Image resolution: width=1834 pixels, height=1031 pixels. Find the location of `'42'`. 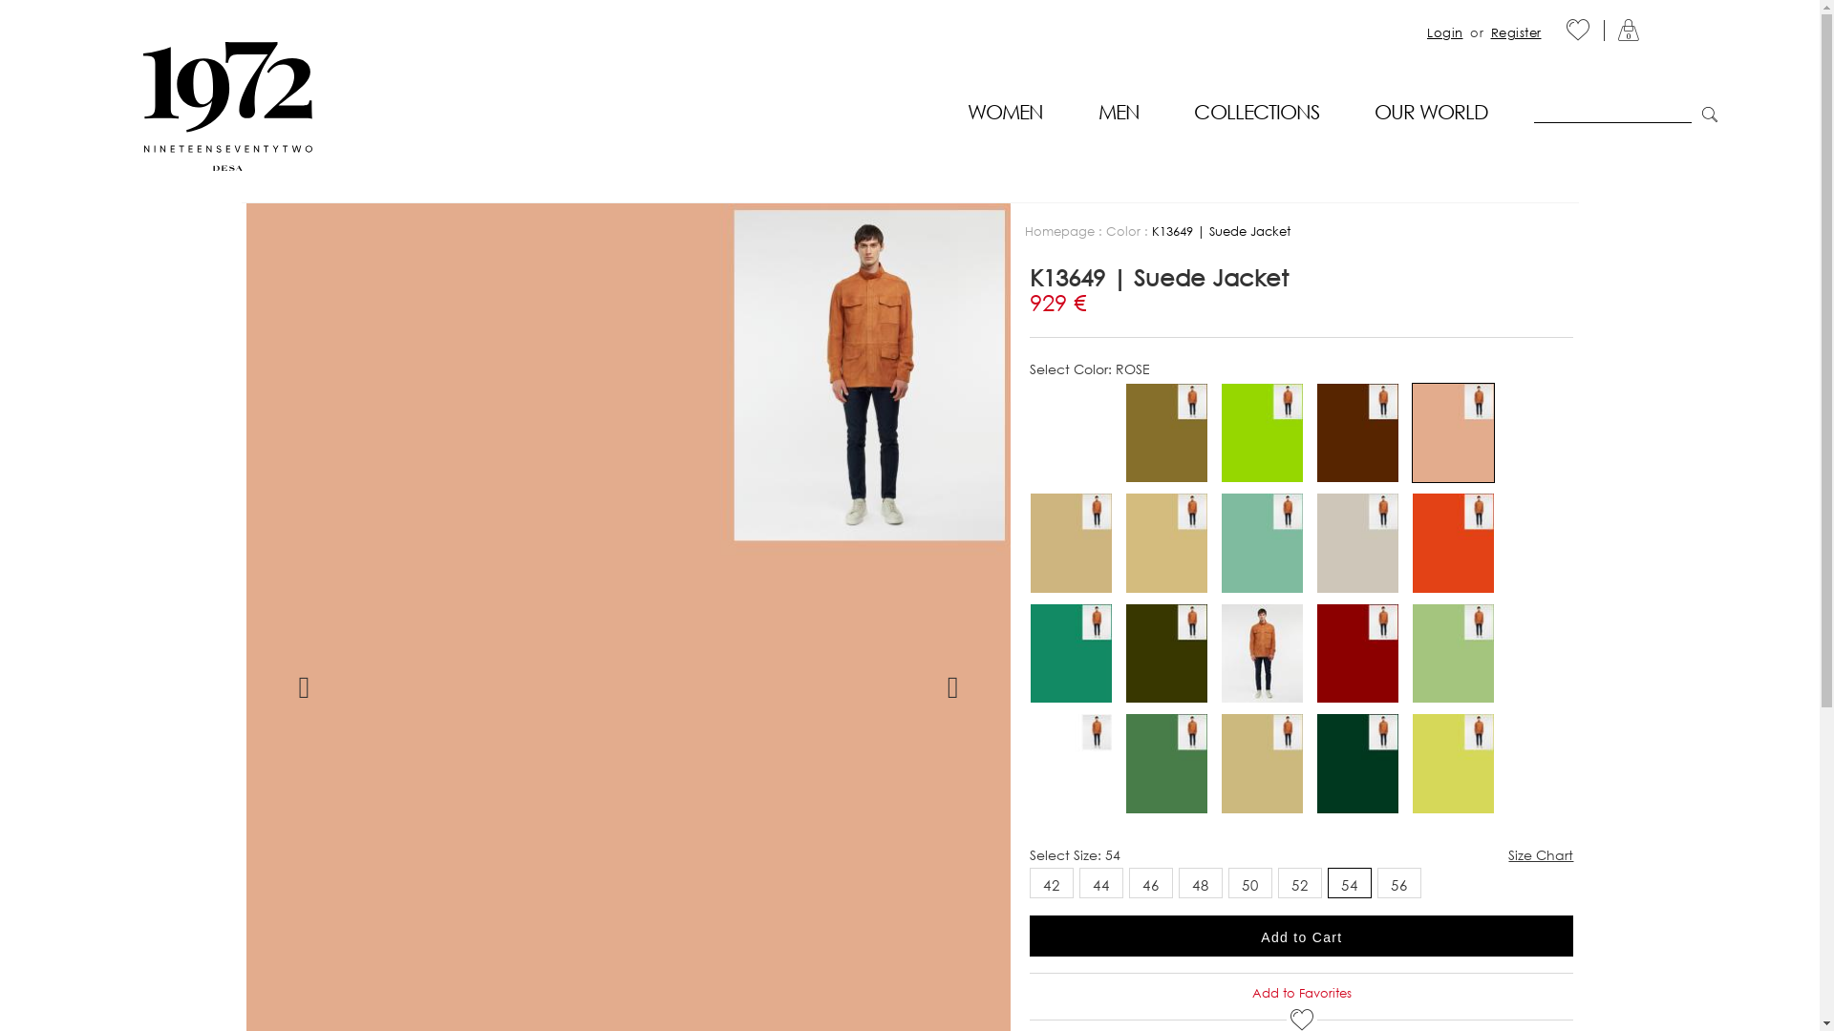

'42' is located at coordinates (1050, 883).